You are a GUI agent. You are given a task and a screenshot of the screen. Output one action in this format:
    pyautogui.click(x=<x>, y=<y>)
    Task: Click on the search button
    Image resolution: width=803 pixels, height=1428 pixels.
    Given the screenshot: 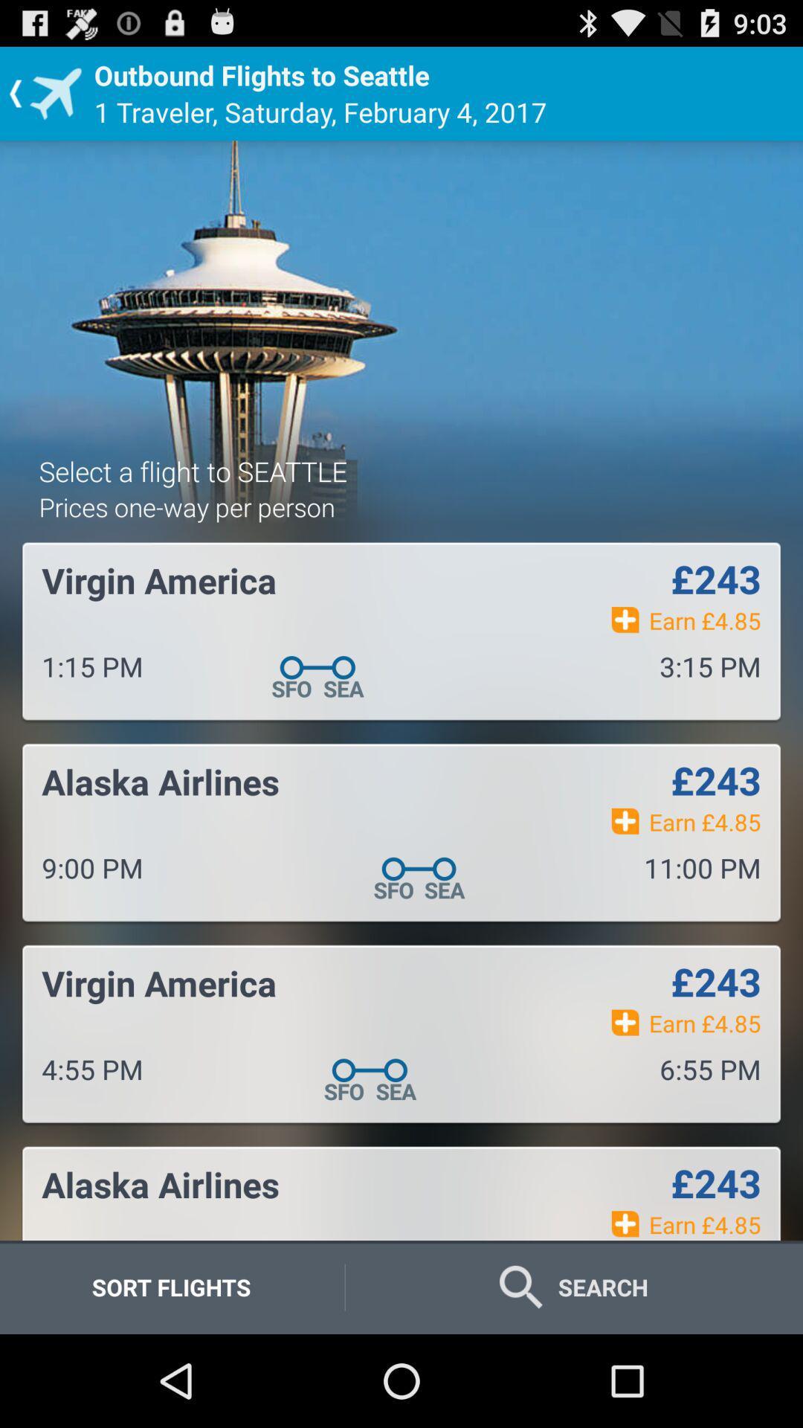 What is the action you would take?
    pyautogui.click(x=573, y=1287)
    